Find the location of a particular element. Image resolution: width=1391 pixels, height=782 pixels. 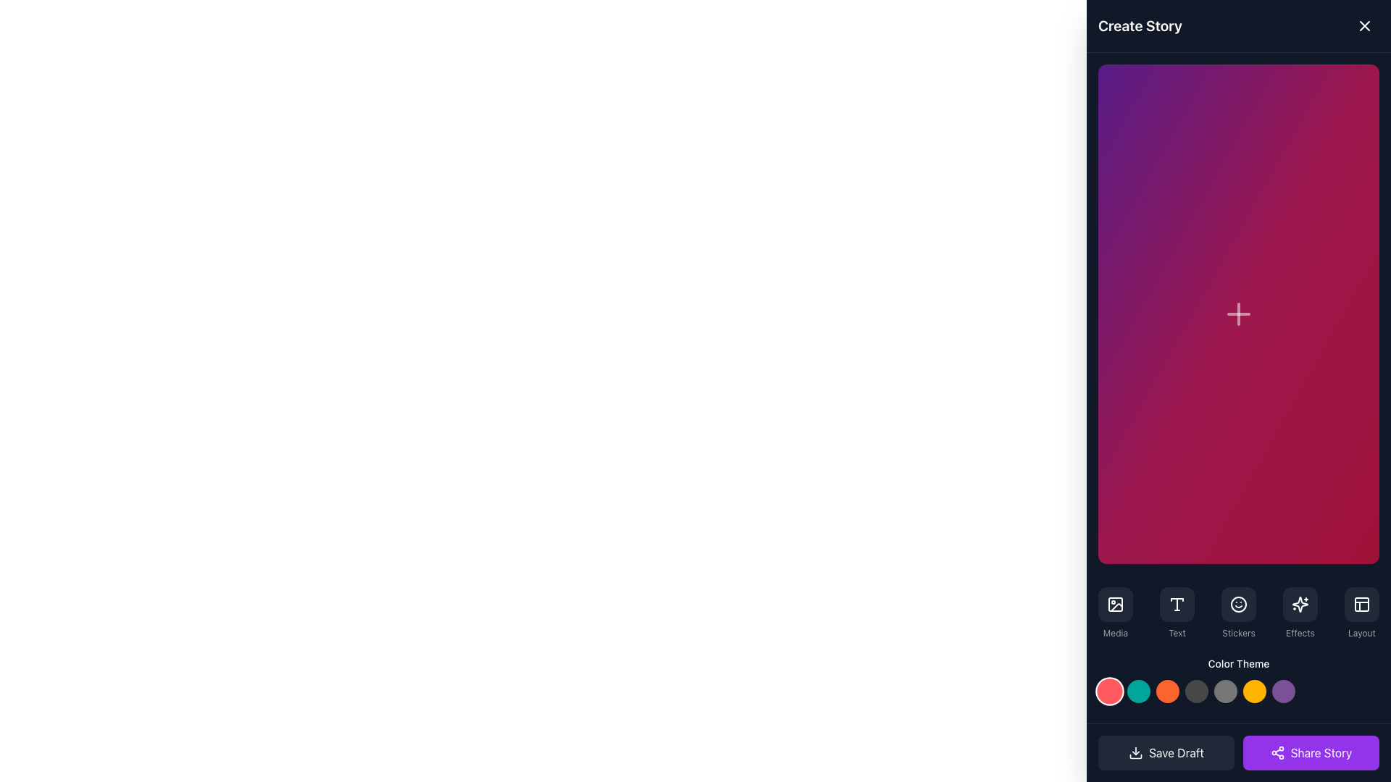

the vibrant orange-yellow circular button, which is the sixth in a row of seven buttons for color theme selection is located at coordinates (1254, 689).